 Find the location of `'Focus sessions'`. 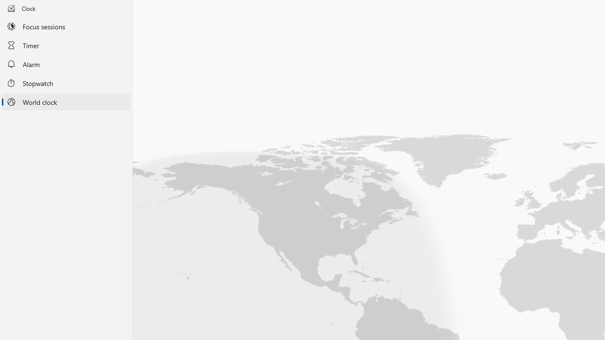

'Focus sessions' is located at coordinates (66, 26).